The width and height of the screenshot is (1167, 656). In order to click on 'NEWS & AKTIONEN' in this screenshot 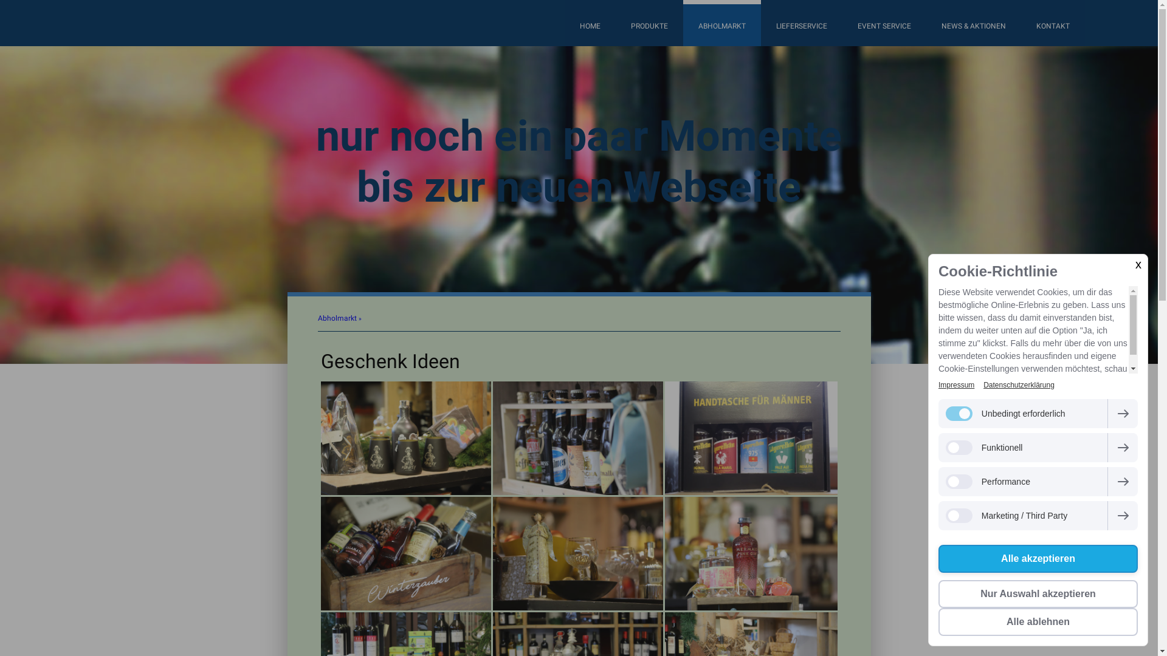, I will do `click(974, 23)`.